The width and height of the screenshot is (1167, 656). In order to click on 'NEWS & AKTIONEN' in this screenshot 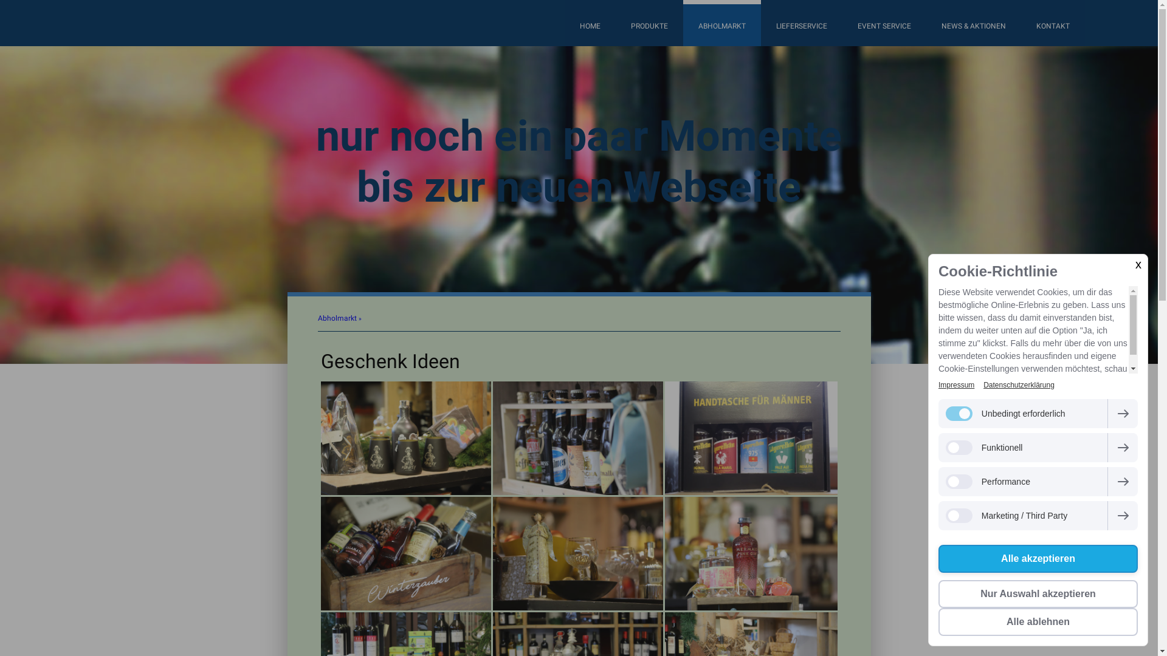, I will do `click(974, 23)`.